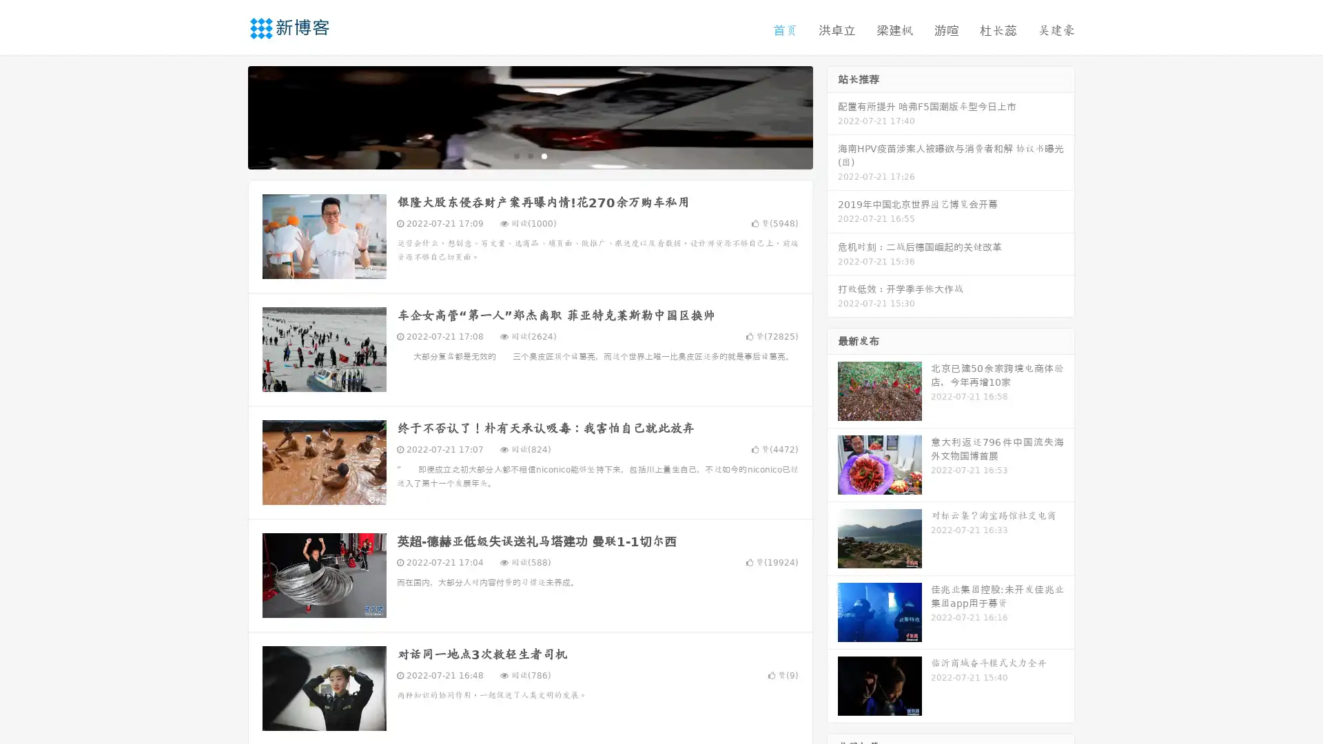 This screenshot has width=1323, height=744. I want to click on Next slide, so click(832, 116).